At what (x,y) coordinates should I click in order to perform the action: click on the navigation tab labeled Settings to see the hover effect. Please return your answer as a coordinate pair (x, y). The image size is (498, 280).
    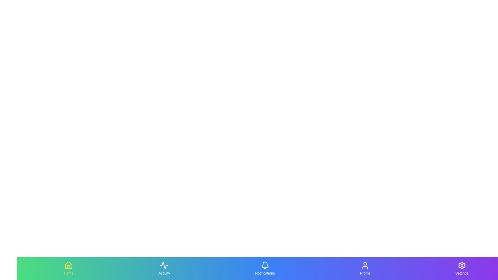
    Looking at the image, I should click on (462, 268).